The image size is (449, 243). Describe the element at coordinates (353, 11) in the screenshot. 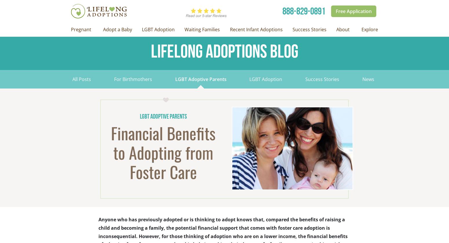

I see `'Free Application'` at that location.